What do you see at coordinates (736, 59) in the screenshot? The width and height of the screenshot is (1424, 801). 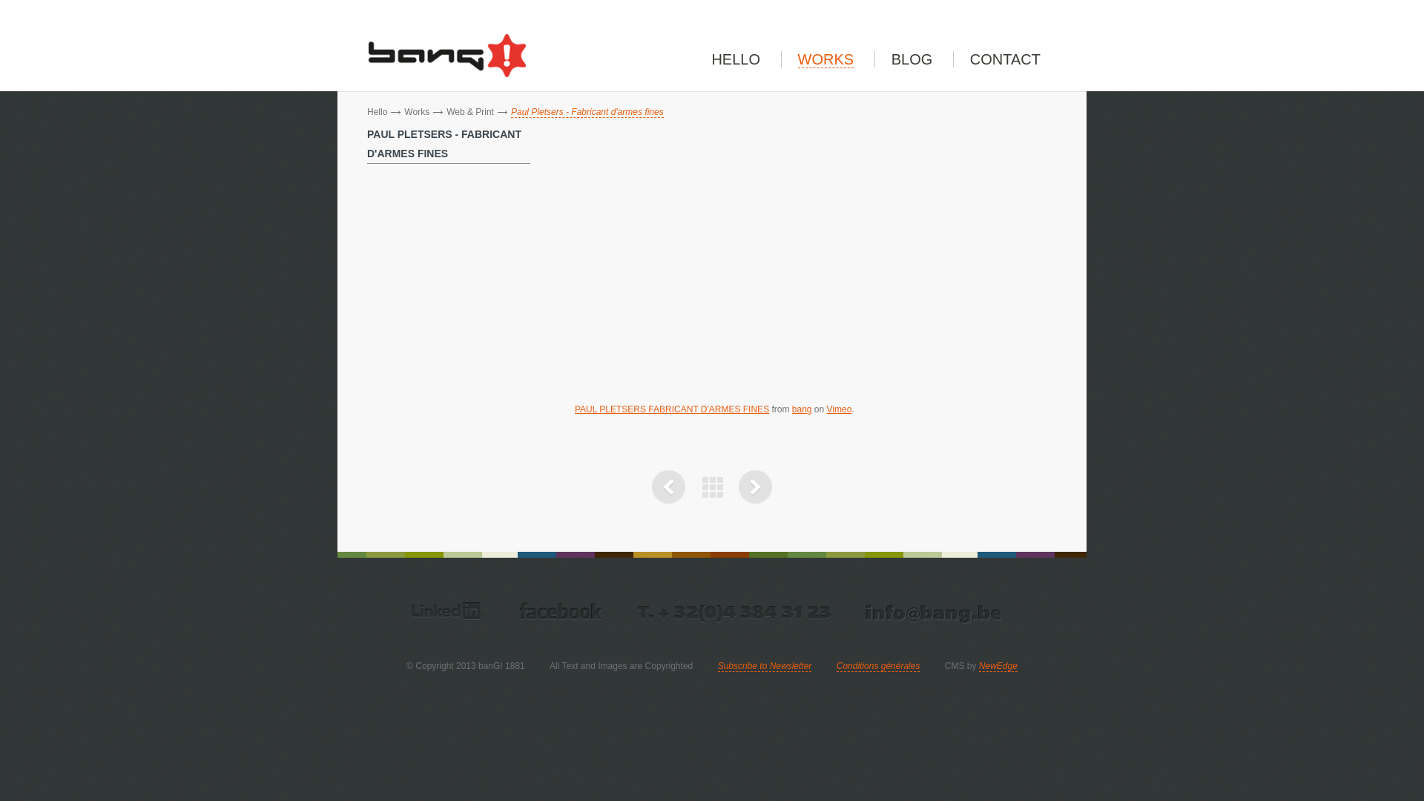 I see `'HELLO'` at bounding box center [736, 59].